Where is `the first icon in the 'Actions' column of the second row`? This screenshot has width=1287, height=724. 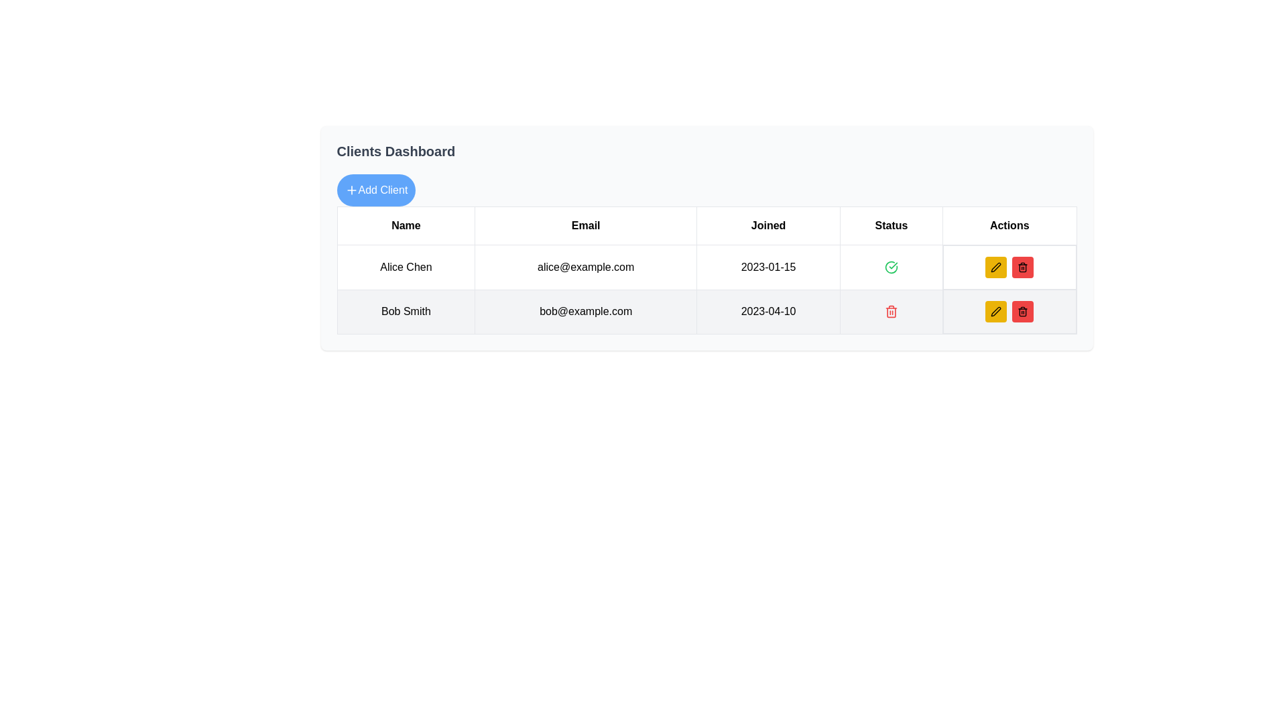
the first icon in the 'Actions' column of the second row is located at coordinates (996, 312).